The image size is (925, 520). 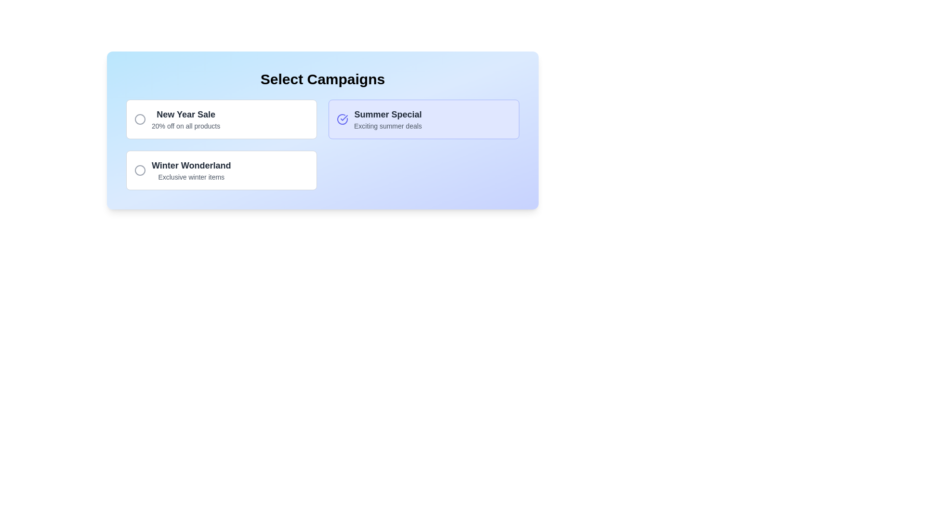 I want to click on the circular checkmark icon with a purple outline at the start of the 'Summer Special' card, so click(x=342, y=118).